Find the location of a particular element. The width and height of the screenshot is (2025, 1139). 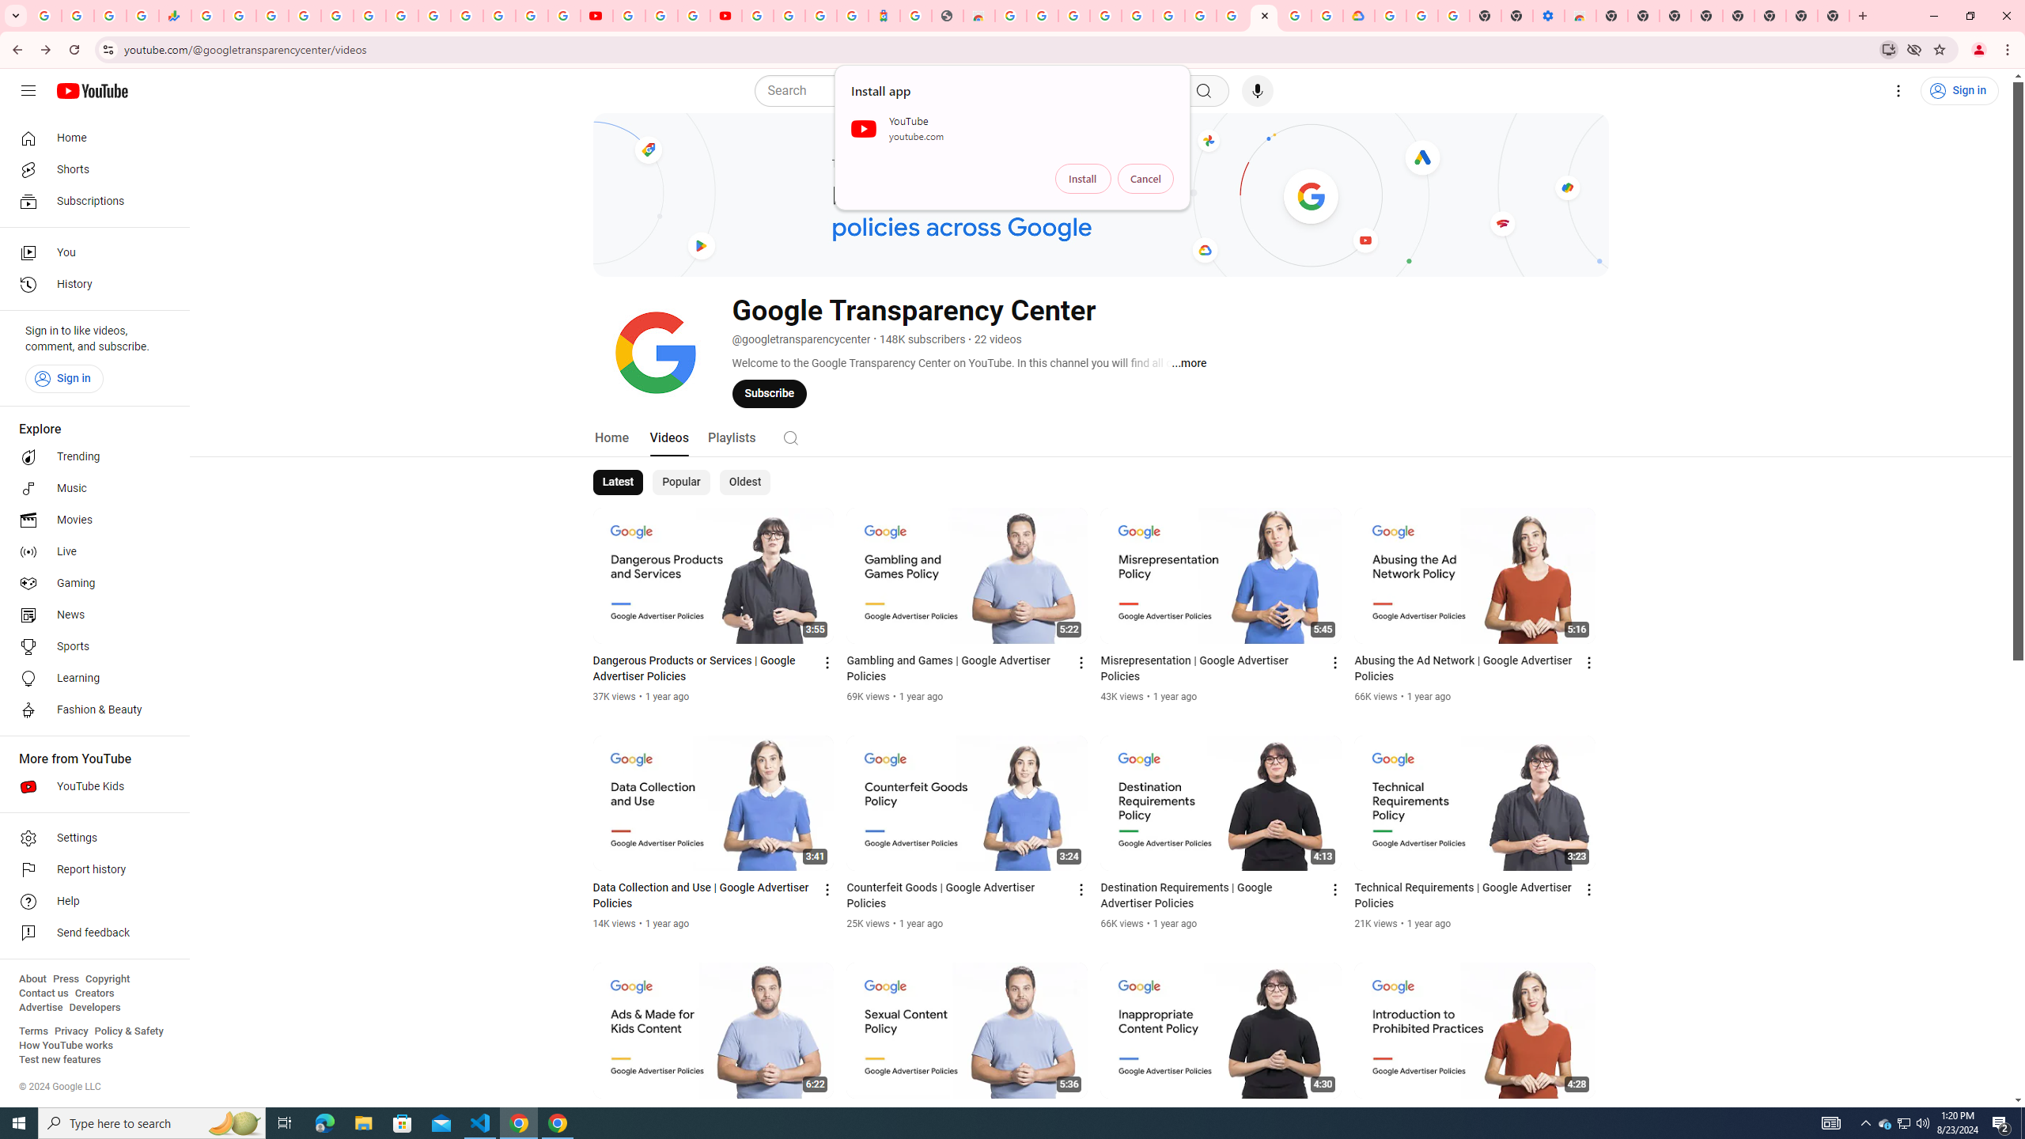

'Popular' is located at coordinates (680, 481).